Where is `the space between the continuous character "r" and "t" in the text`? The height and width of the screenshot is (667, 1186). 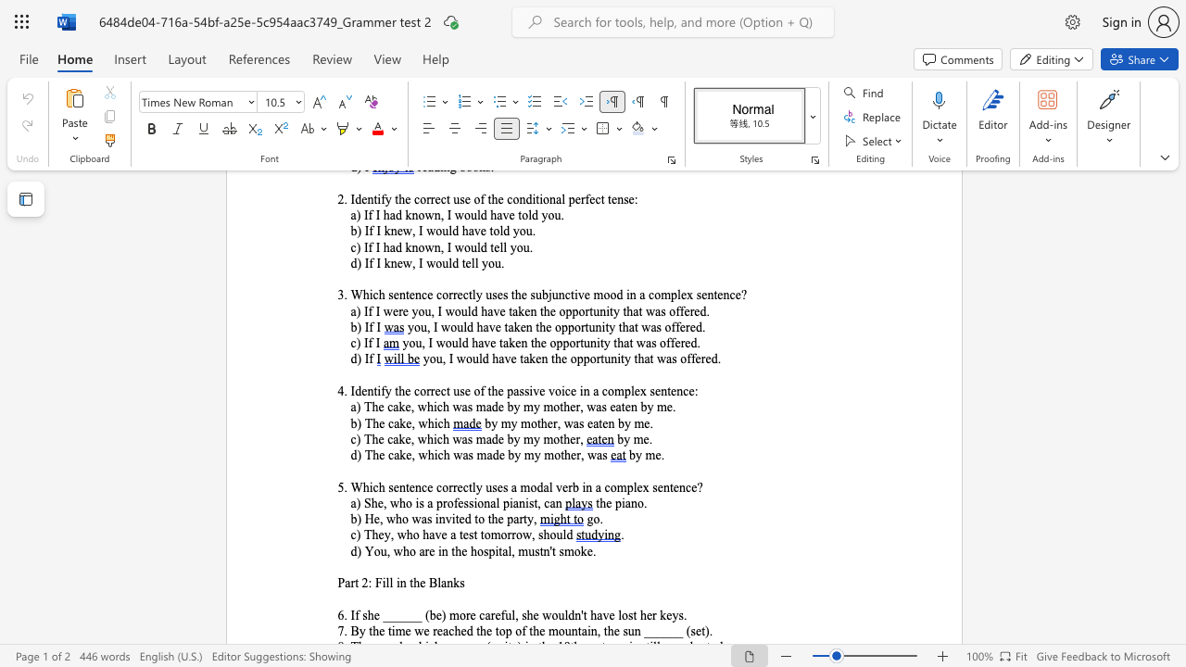
the space between the continuous character "r" and "t" in the text is located at coordinates (354, 582).